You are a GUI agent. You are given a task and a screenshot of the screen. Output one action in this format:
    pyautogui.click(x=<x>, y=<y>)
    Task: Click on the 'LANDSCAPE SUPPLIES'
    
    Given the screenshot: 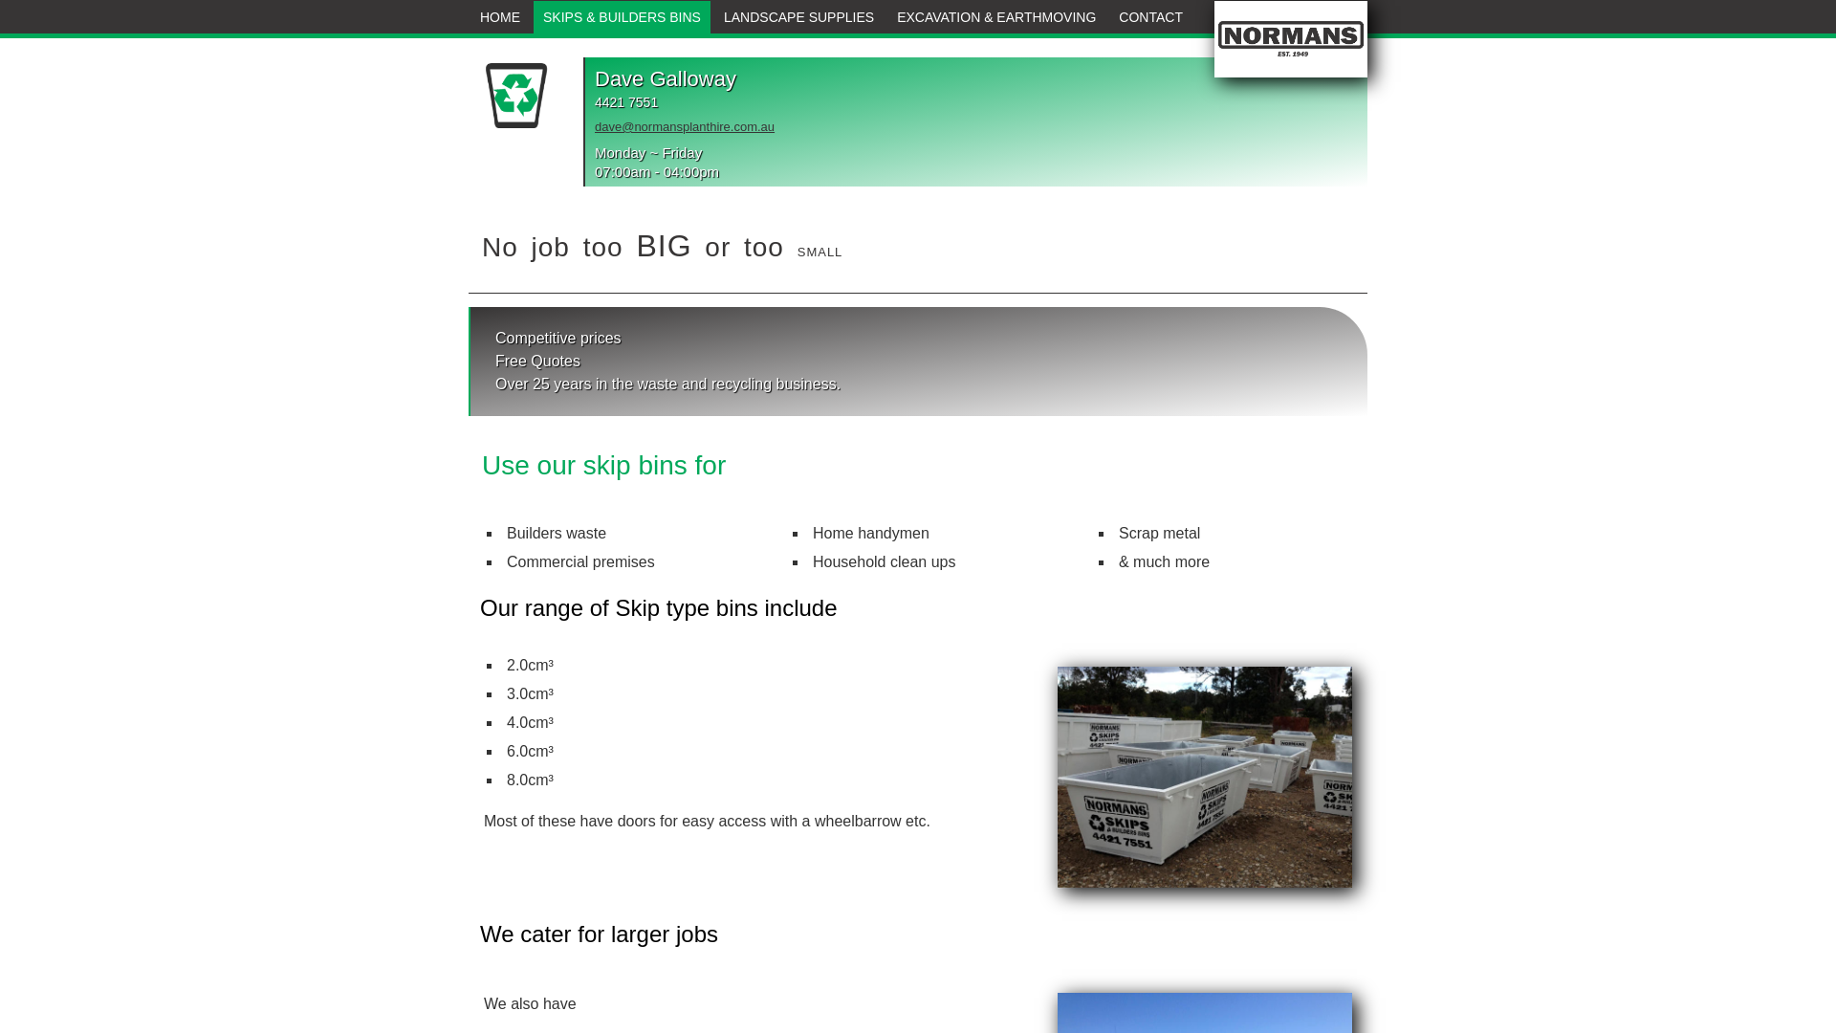 What is the action you would take?
    pyautogui.click(x=798, y=17)
    